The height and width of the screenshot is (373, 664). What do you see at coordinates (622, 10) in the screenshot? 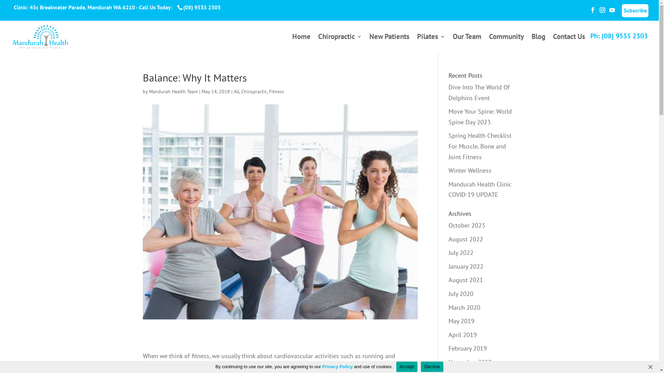
I see `'Subscribe'` at bounding box center [622, 10].